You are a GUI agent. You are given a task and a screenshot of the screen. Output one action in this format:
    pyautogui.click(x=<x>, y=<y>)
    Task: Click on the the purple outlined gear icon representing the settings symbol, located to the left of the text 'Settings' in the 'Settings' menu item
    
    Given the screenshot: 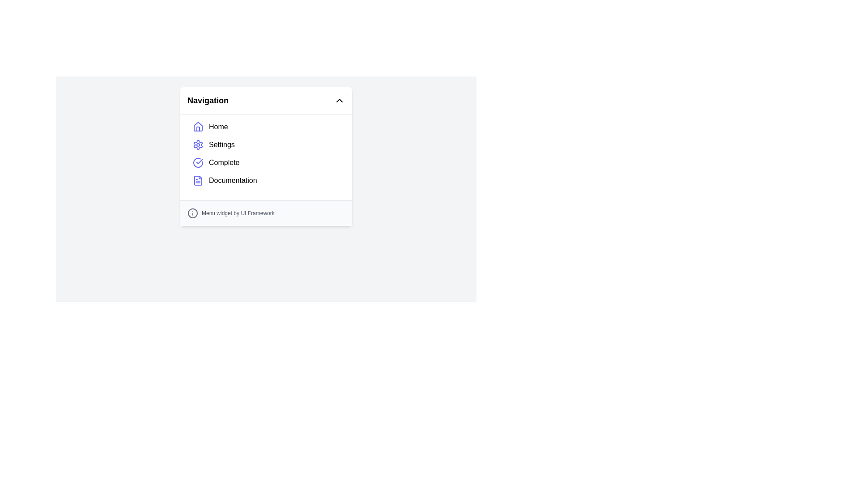 What is the action you would take?
    pyautogui.click(x=197, y=144)
    